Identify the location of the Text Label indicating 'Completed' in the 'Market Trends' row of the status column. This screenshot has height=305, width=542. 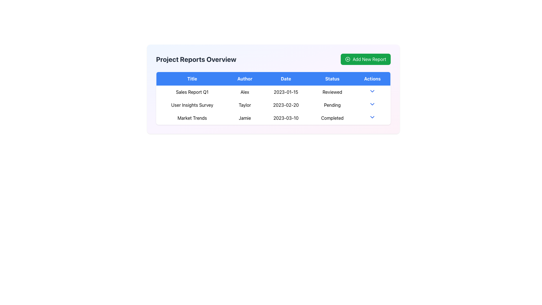
(332, 118).